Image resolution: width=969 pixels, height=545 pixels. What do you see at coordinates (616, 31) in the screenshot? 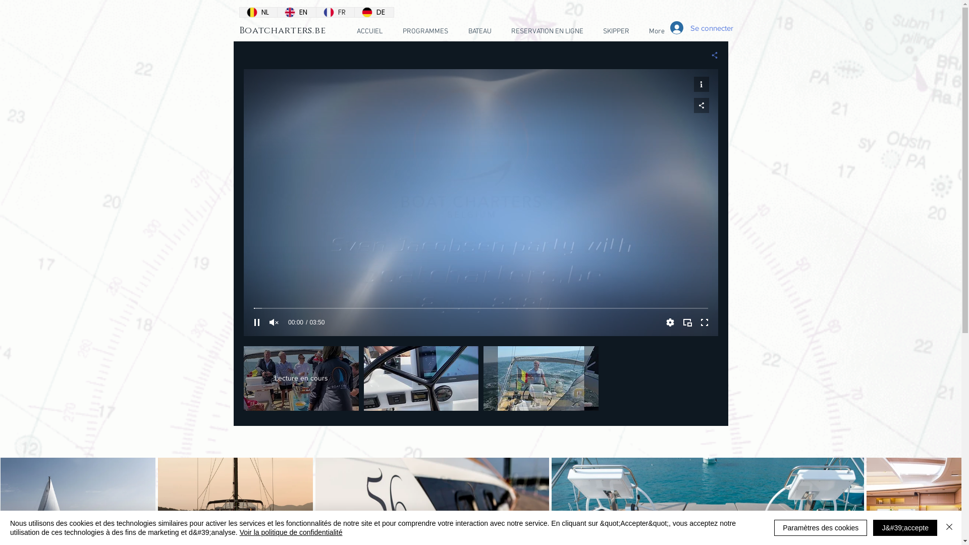
I see `'SKIPPER'` at bounding box center [616, 31].